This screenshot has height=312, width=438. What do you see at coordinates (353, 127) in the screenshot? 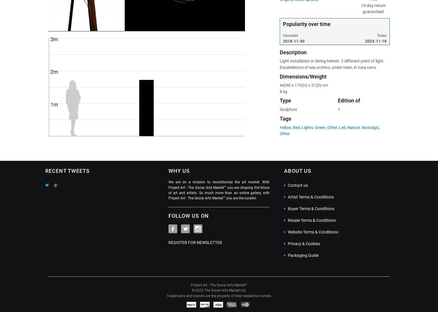
I see `'Nature'` at bounding box center [353, 127].